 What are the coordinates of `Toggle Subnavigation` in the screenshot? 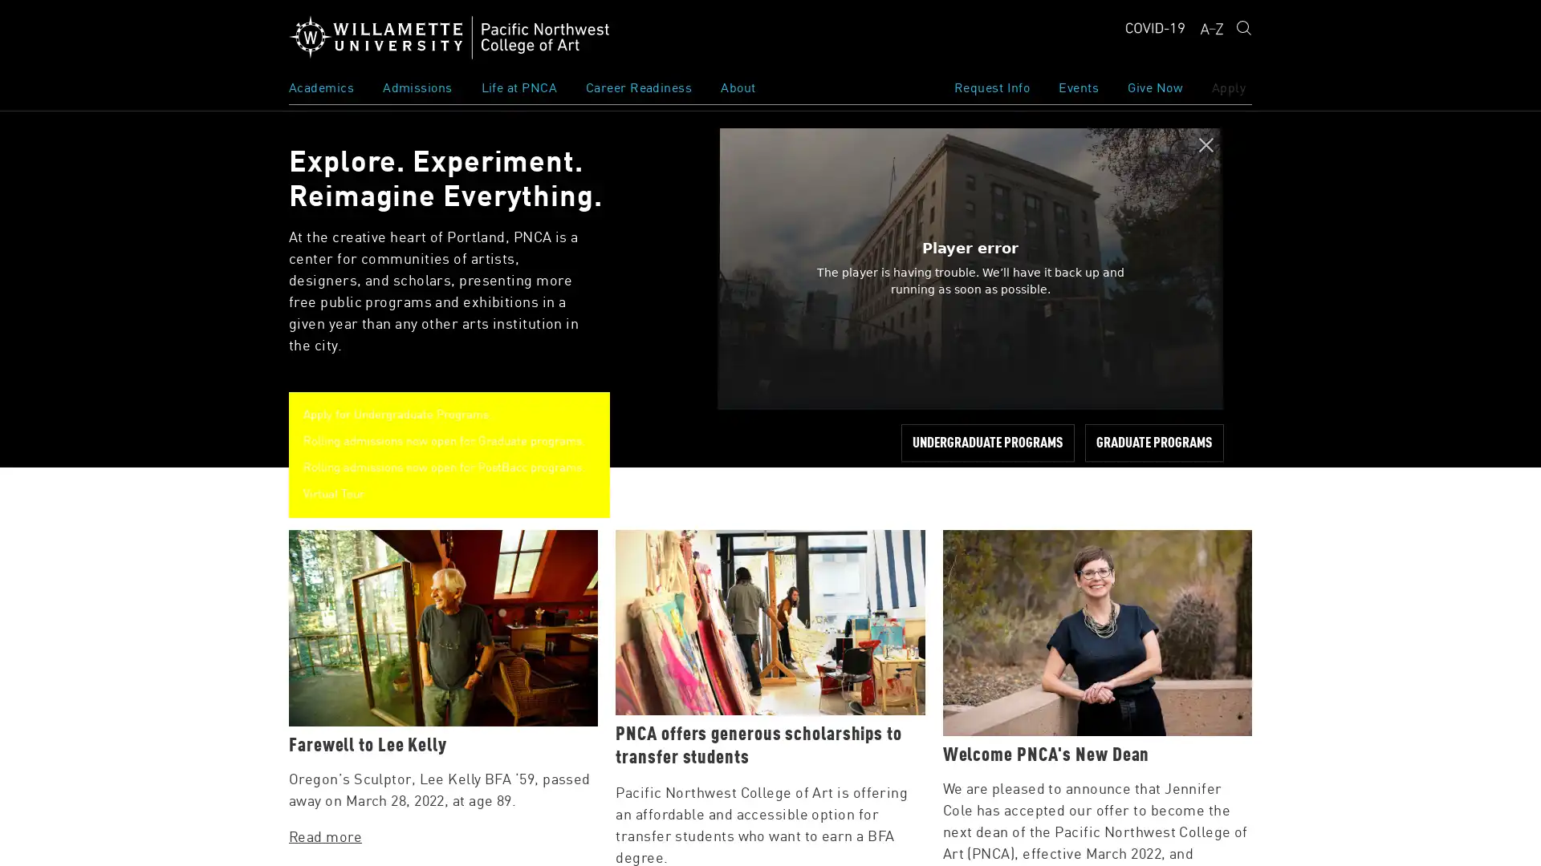 It's located at (321, 90).